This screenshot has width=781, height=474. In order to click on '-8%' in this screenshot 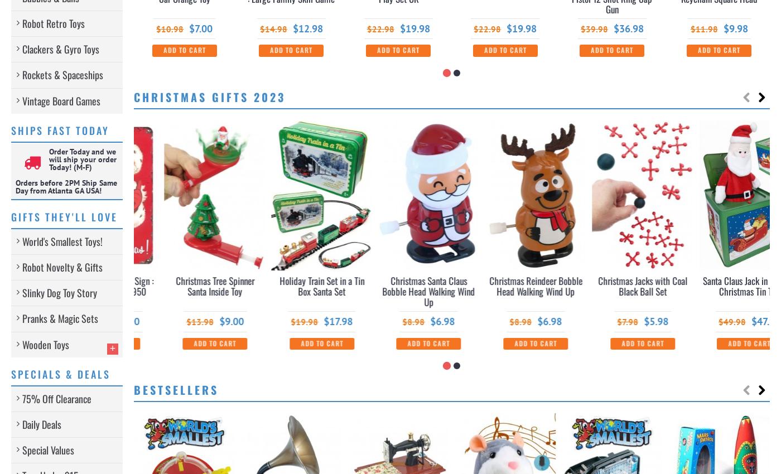, I will do `click(329, 423)`.